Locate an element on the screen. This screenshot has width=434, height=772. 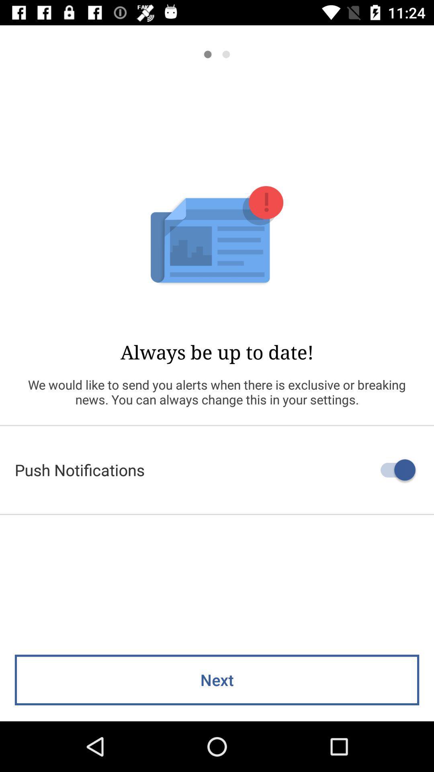
the next item is located at coordinates (217, 680).